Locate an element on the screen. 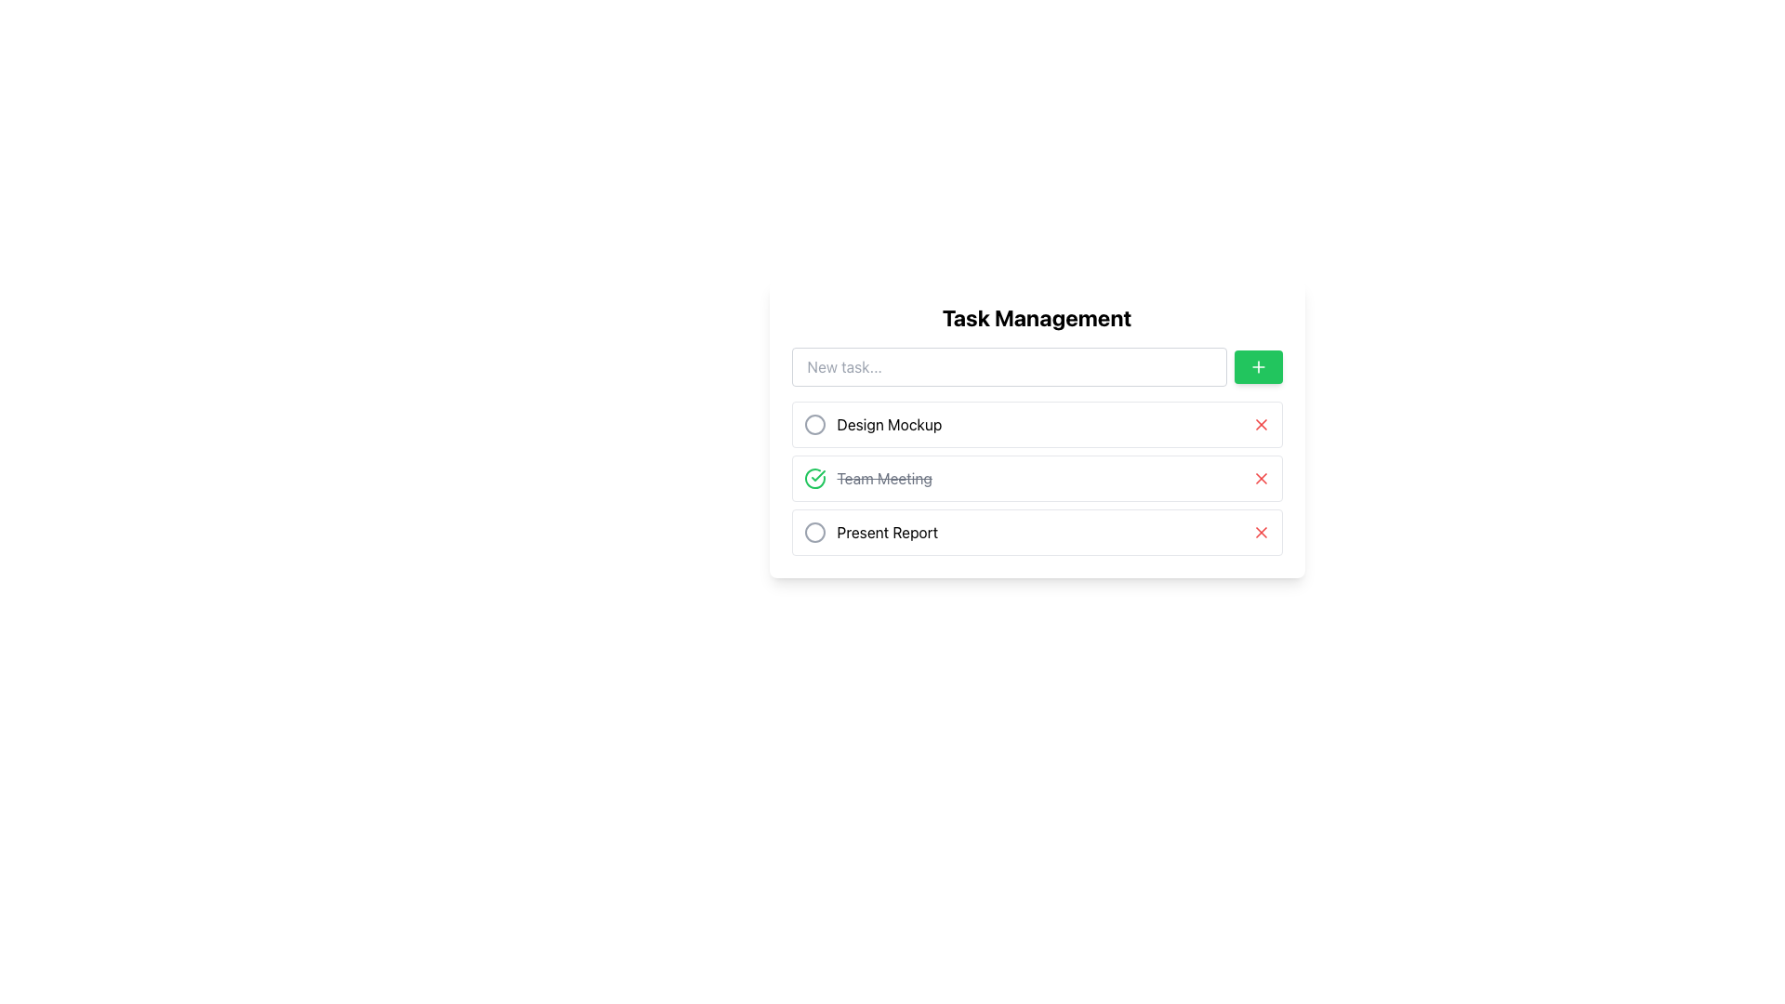  the checkbox next to the 'Team Meeting' task in the Task List to mark it as completed is located at coordinates (1036, 478).